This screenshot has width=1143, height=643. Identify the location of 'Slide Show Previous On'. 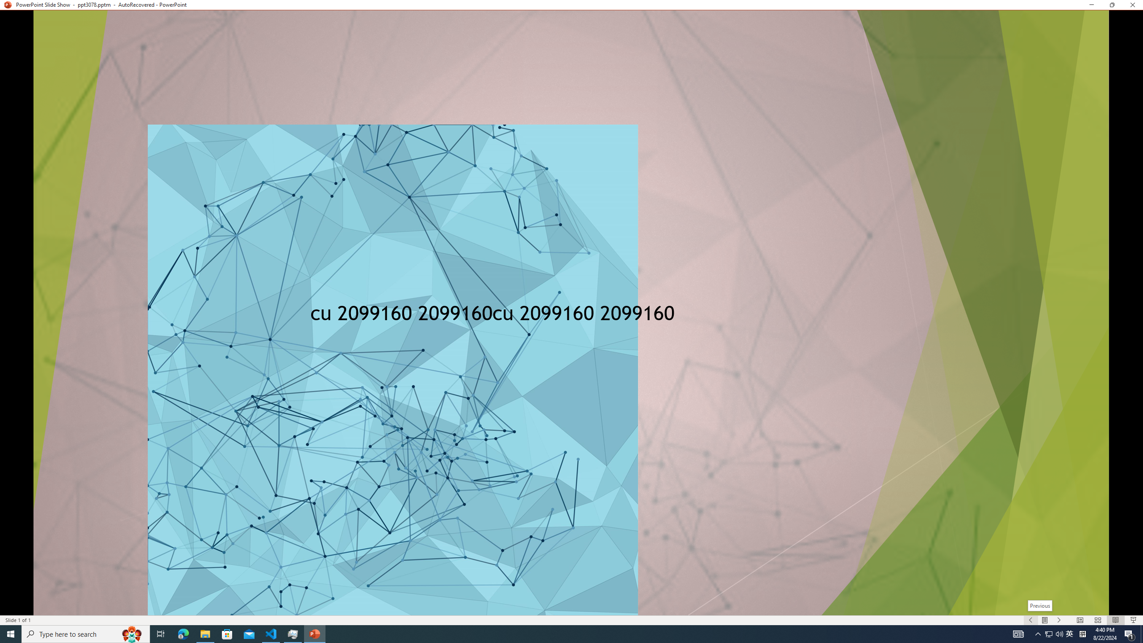
(1030, 620).